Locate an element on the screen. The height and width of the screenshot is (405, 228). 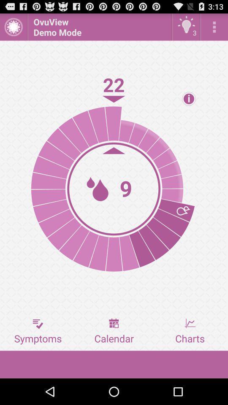
symptoms item is located at coordinates (38, 331).